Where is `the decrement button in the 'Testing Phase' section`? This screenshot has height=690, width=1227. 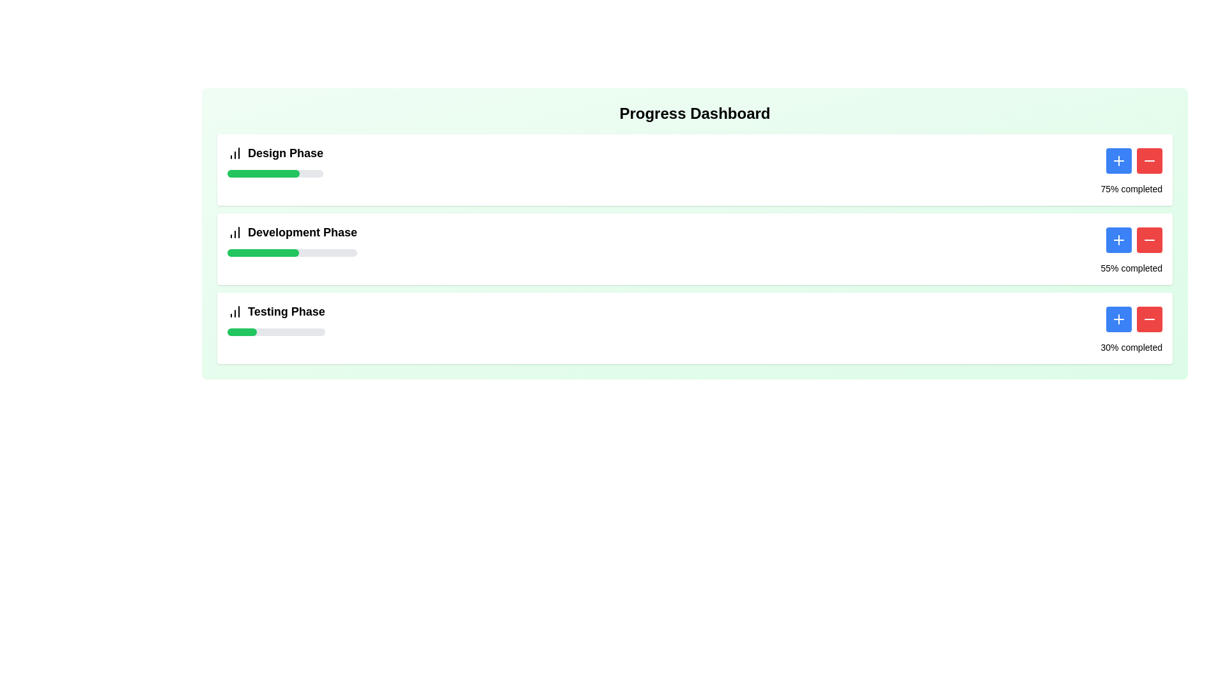 the decrement button in the 'Testing Phase' section is located at coordinates (1150, 319).